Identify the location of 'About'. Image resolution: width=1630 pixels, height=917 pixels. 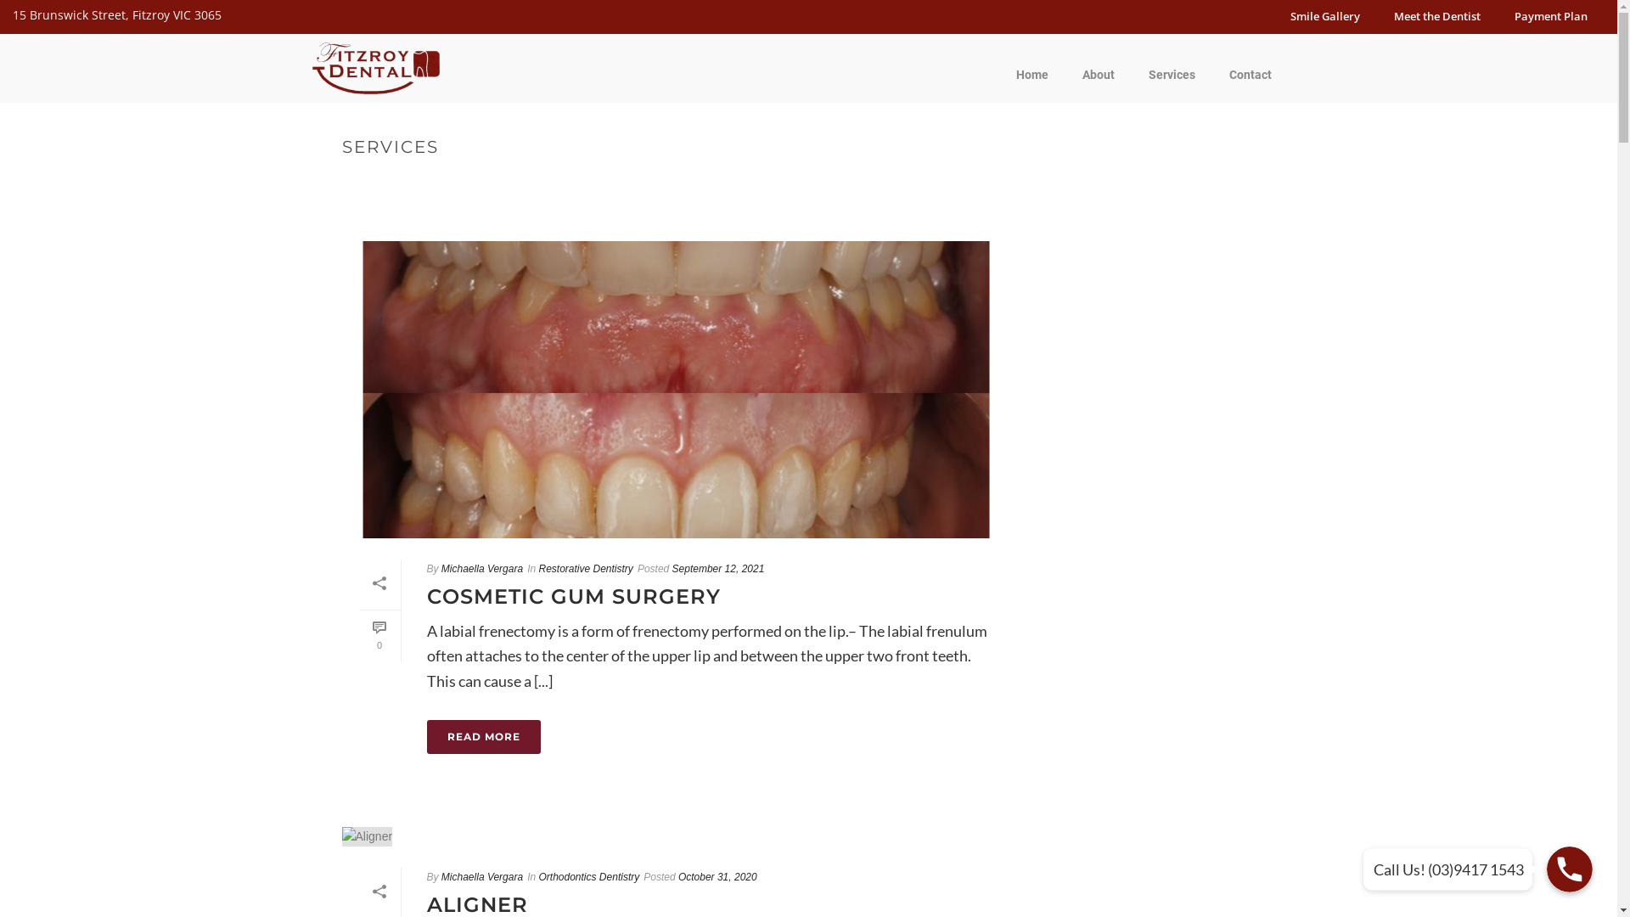
(1097, 74).